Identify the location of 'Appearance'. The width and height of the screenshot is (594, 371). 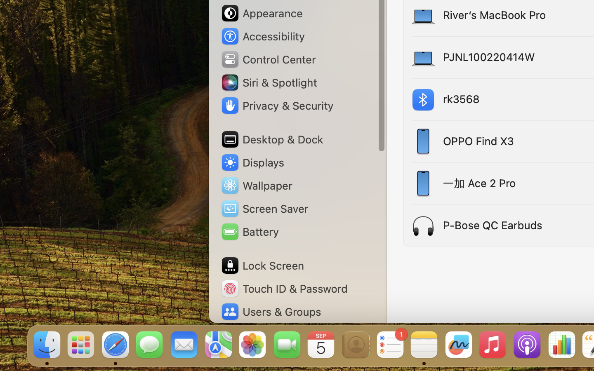
(261, 13).